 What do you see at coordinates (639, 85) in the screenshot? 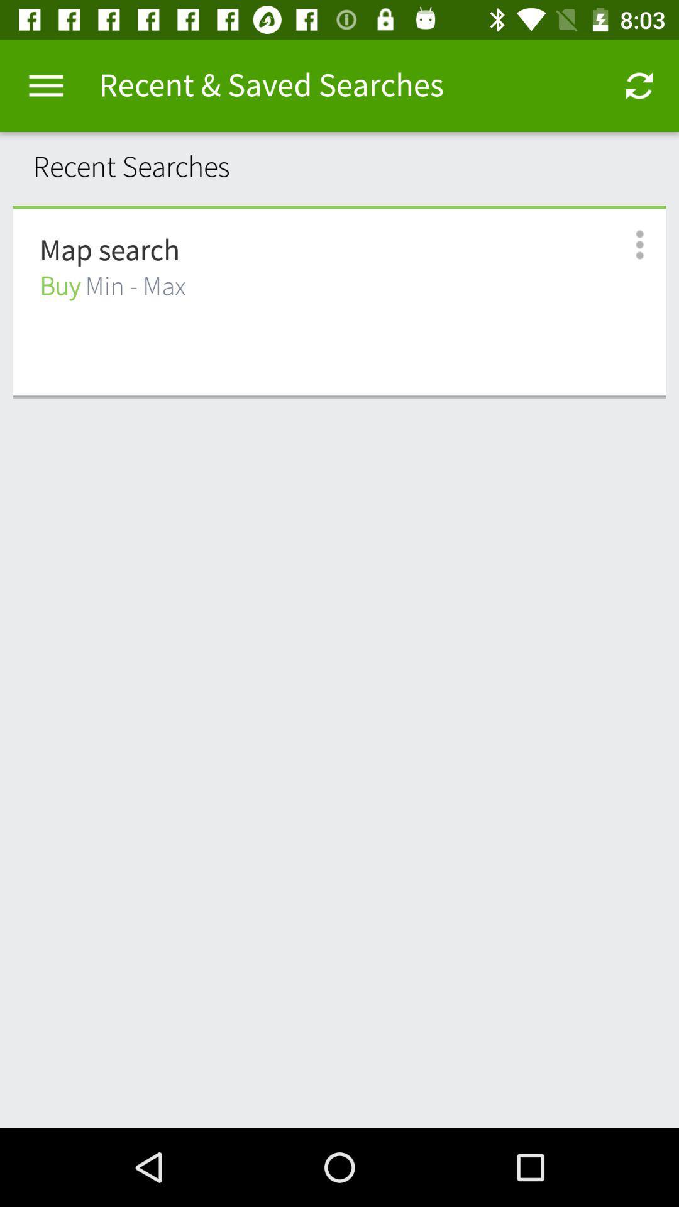
I see `the app to the right of recent & saved searches item` at bounding box center [639, 85].